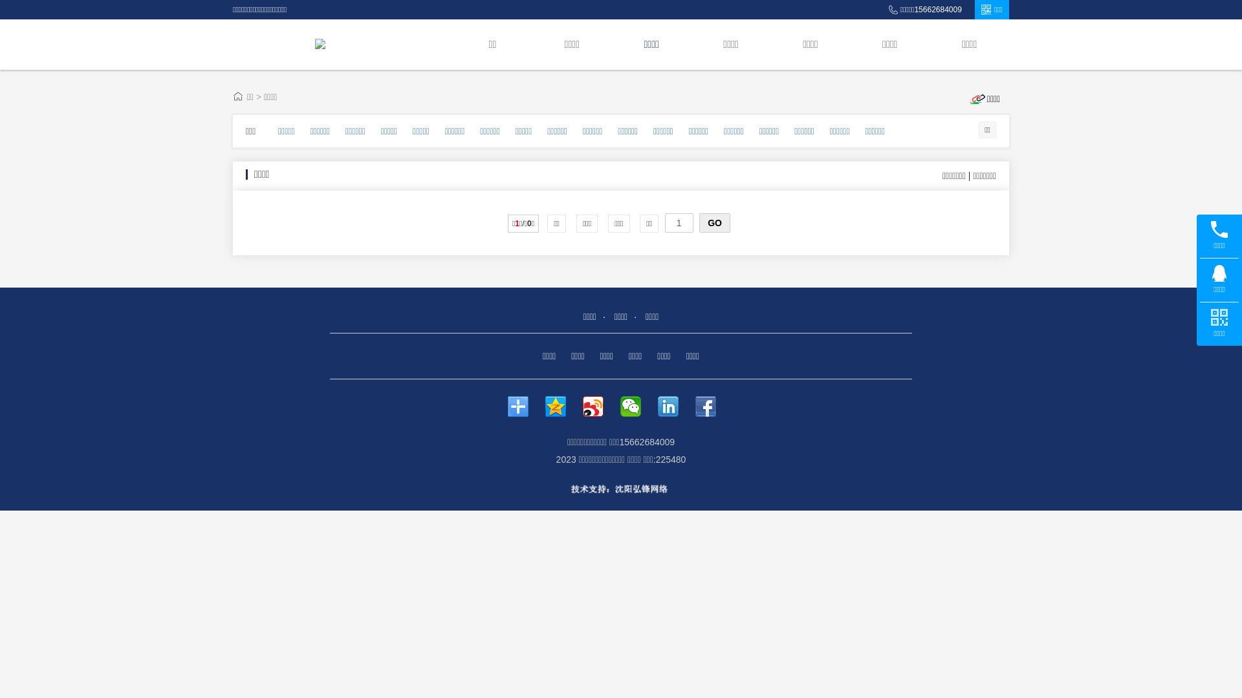 The height and width of the screenshot is (698, 1242). Describe the element at coordinates (714, 222) in the screenshot. I see `'GO'` at that location.